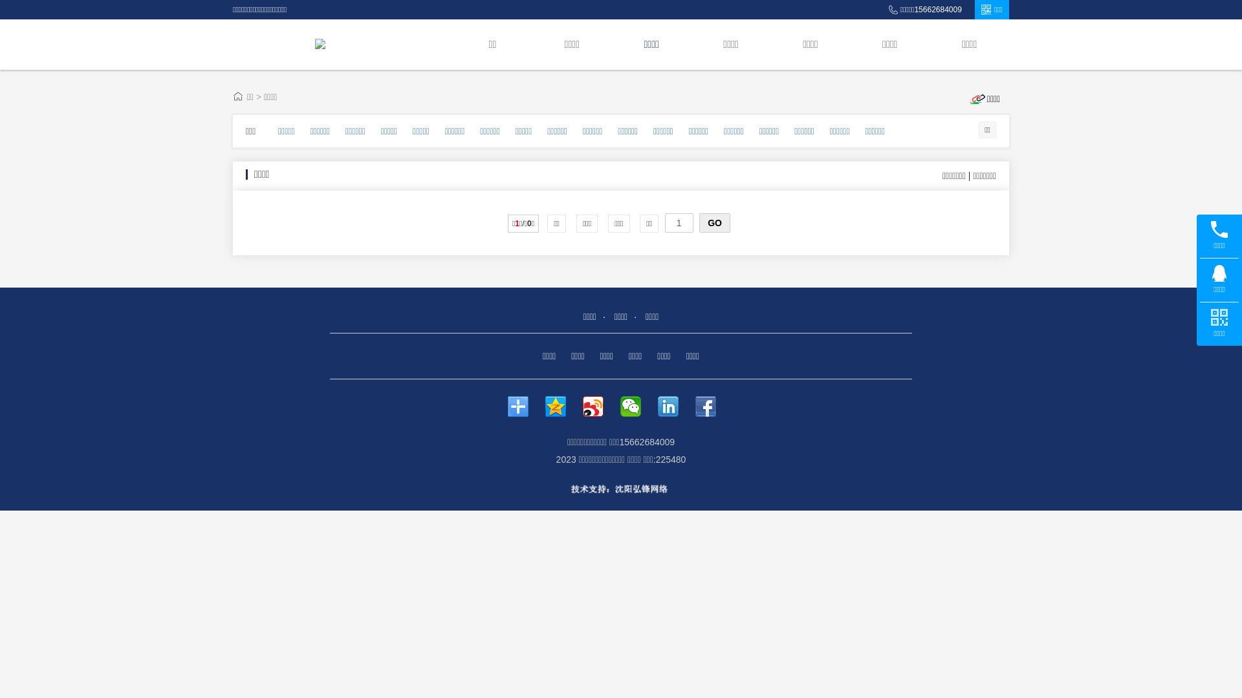 The height and width of the screenshot is (698, 1242). Describe the element at coordinates (714, 222) in the screenshot. I see `'GO'` at that location.